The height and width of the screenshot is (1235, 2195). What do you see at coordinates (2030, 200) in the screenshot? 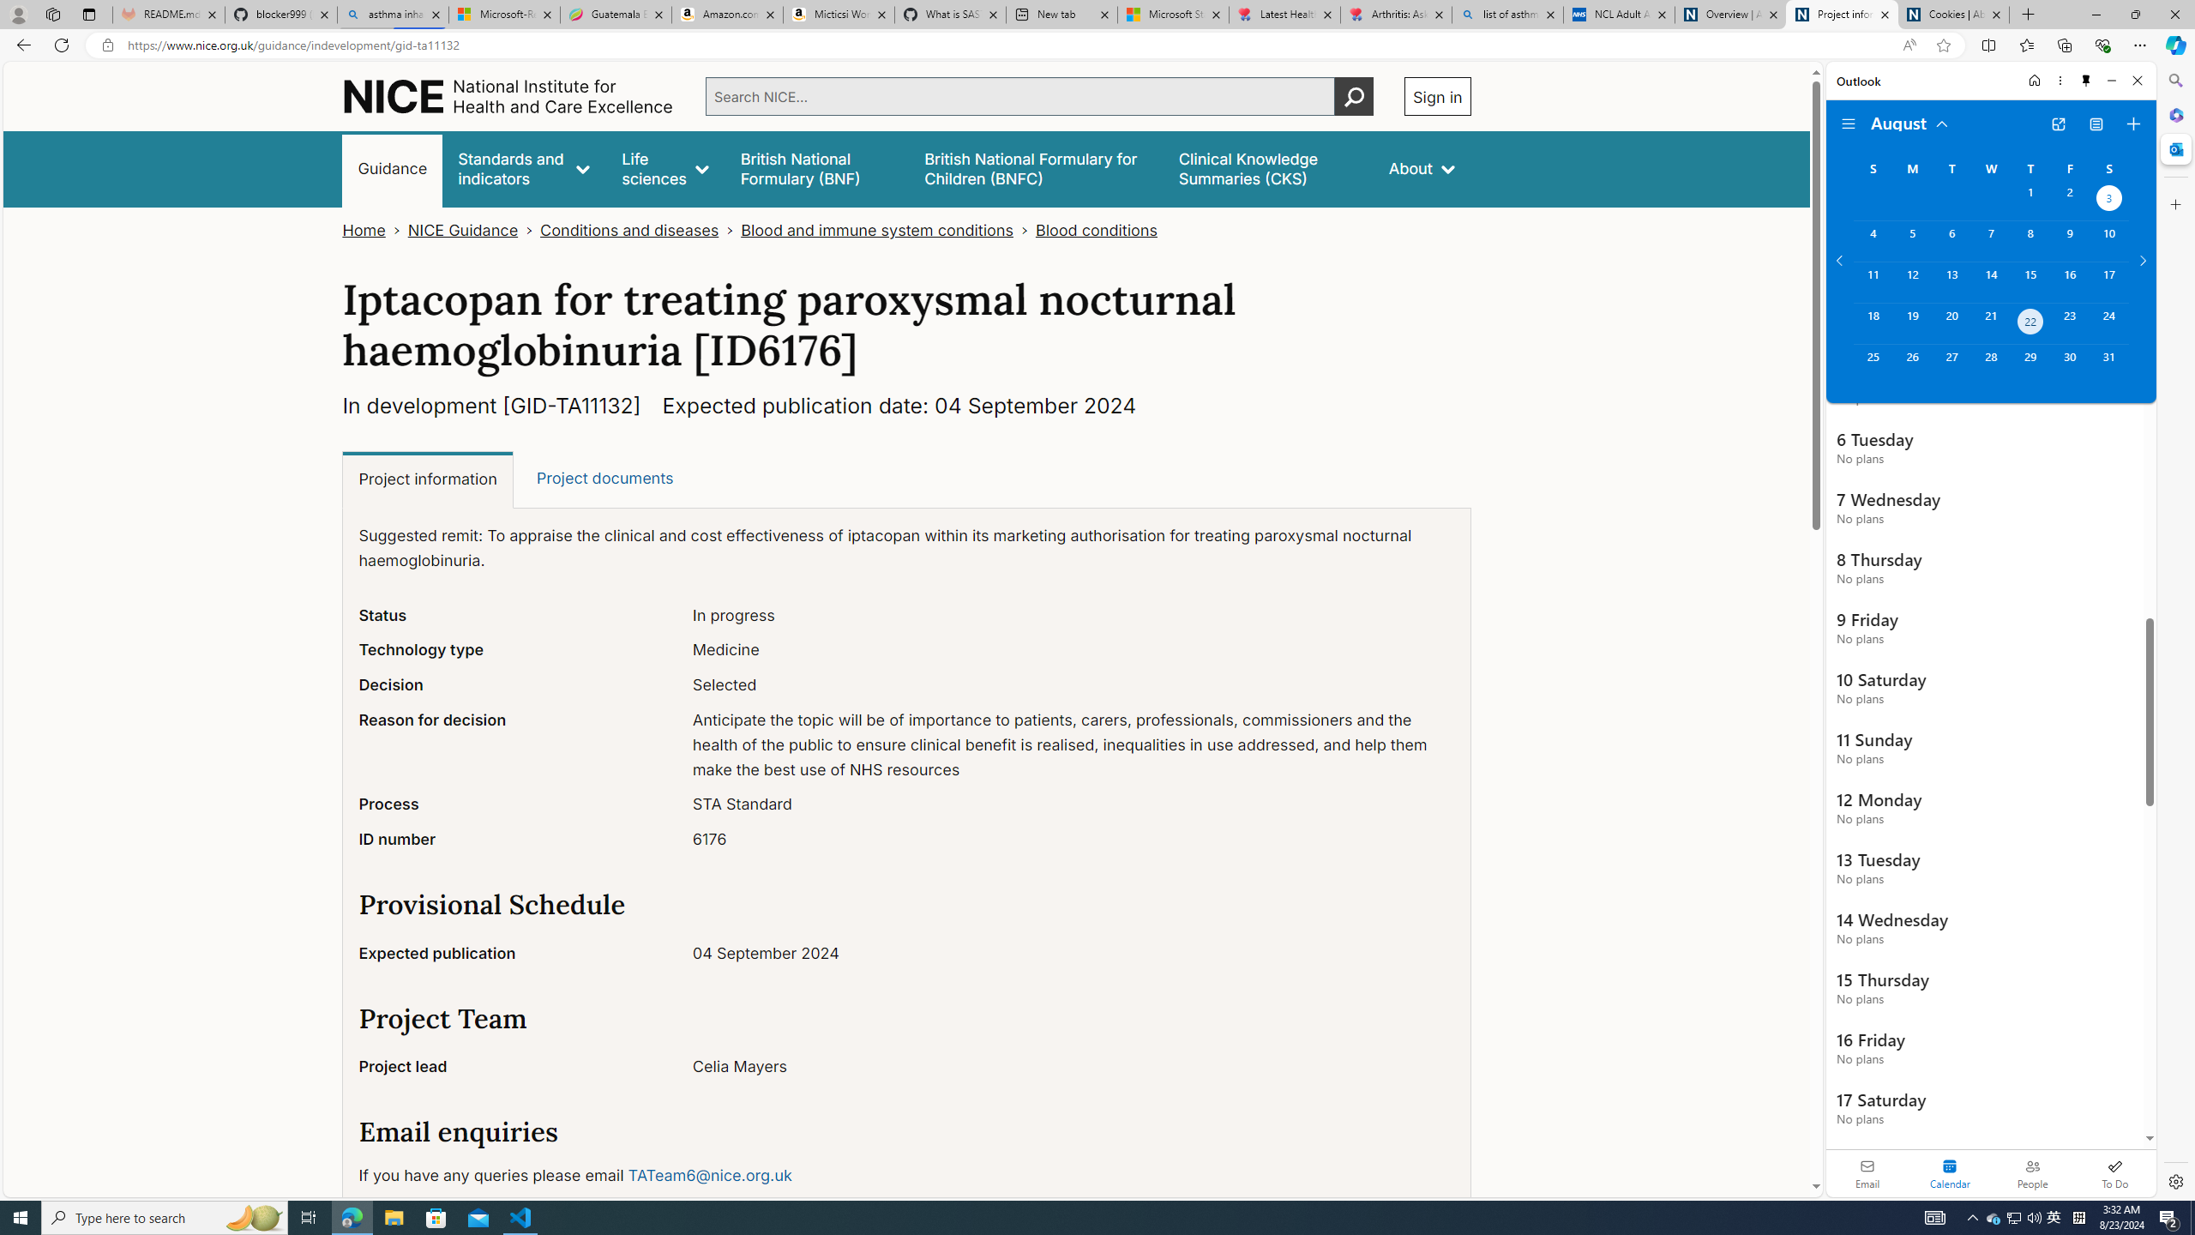
I see `'Thursday, August 1, 2024. '` at bounding box center [2030, 200].